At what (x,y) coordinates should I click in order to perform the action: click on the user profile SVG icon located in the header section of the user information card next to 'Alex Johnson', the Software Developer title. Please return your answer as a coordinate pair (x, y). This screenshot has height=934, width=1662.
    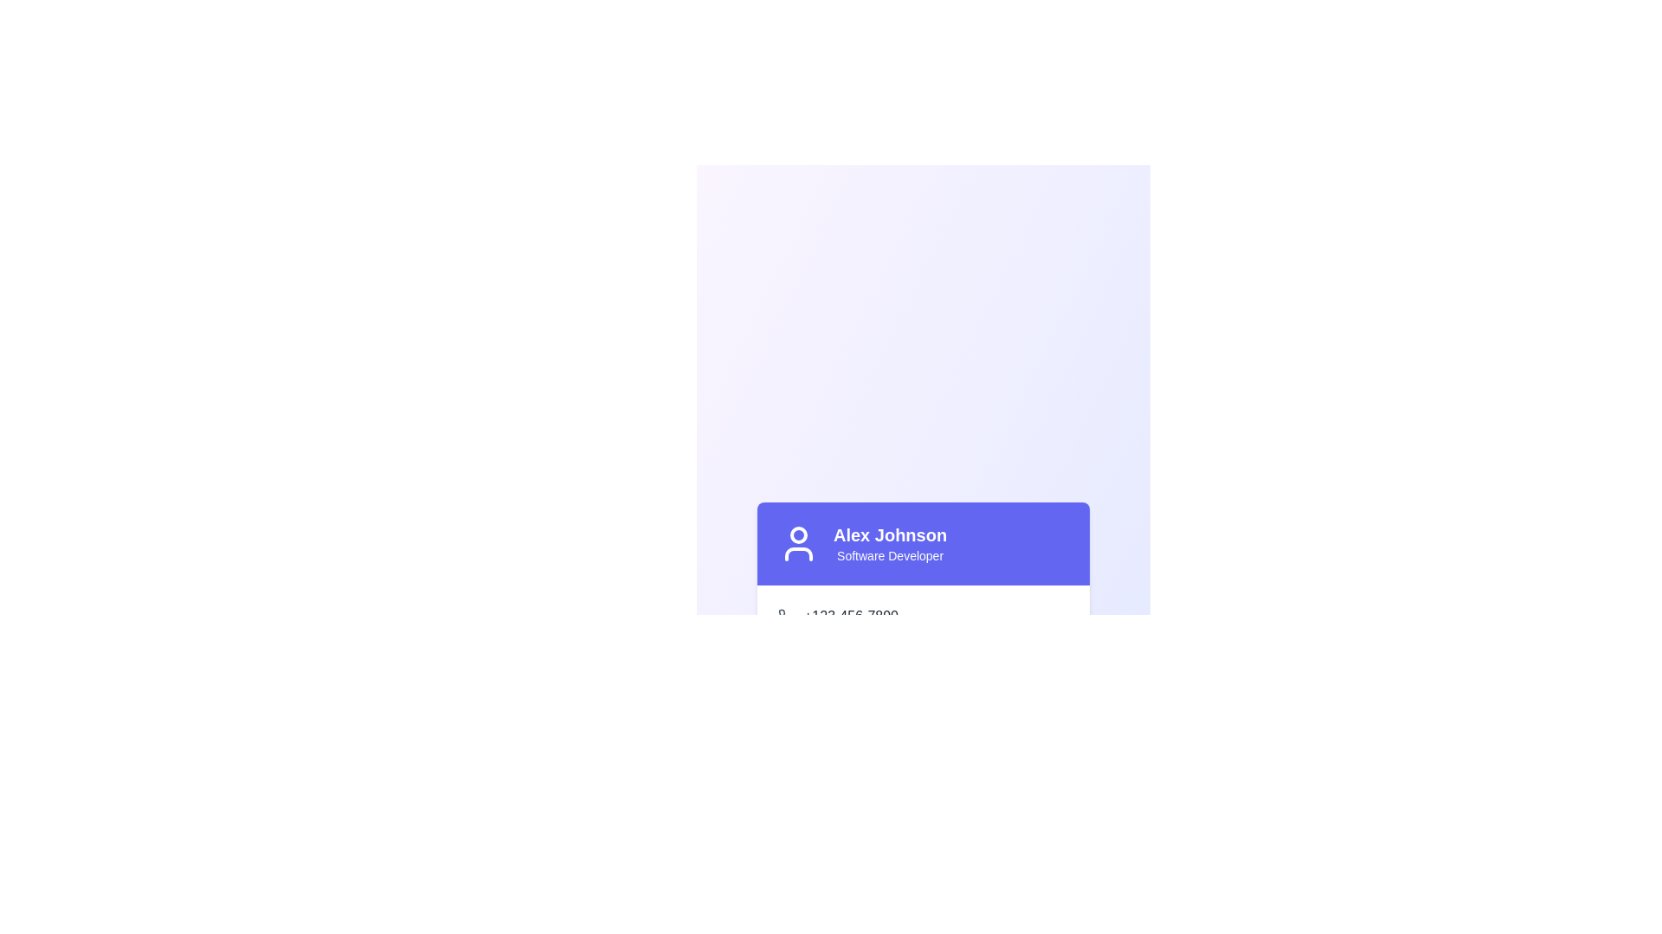
    Looking at the image, I should click on (797, 542).